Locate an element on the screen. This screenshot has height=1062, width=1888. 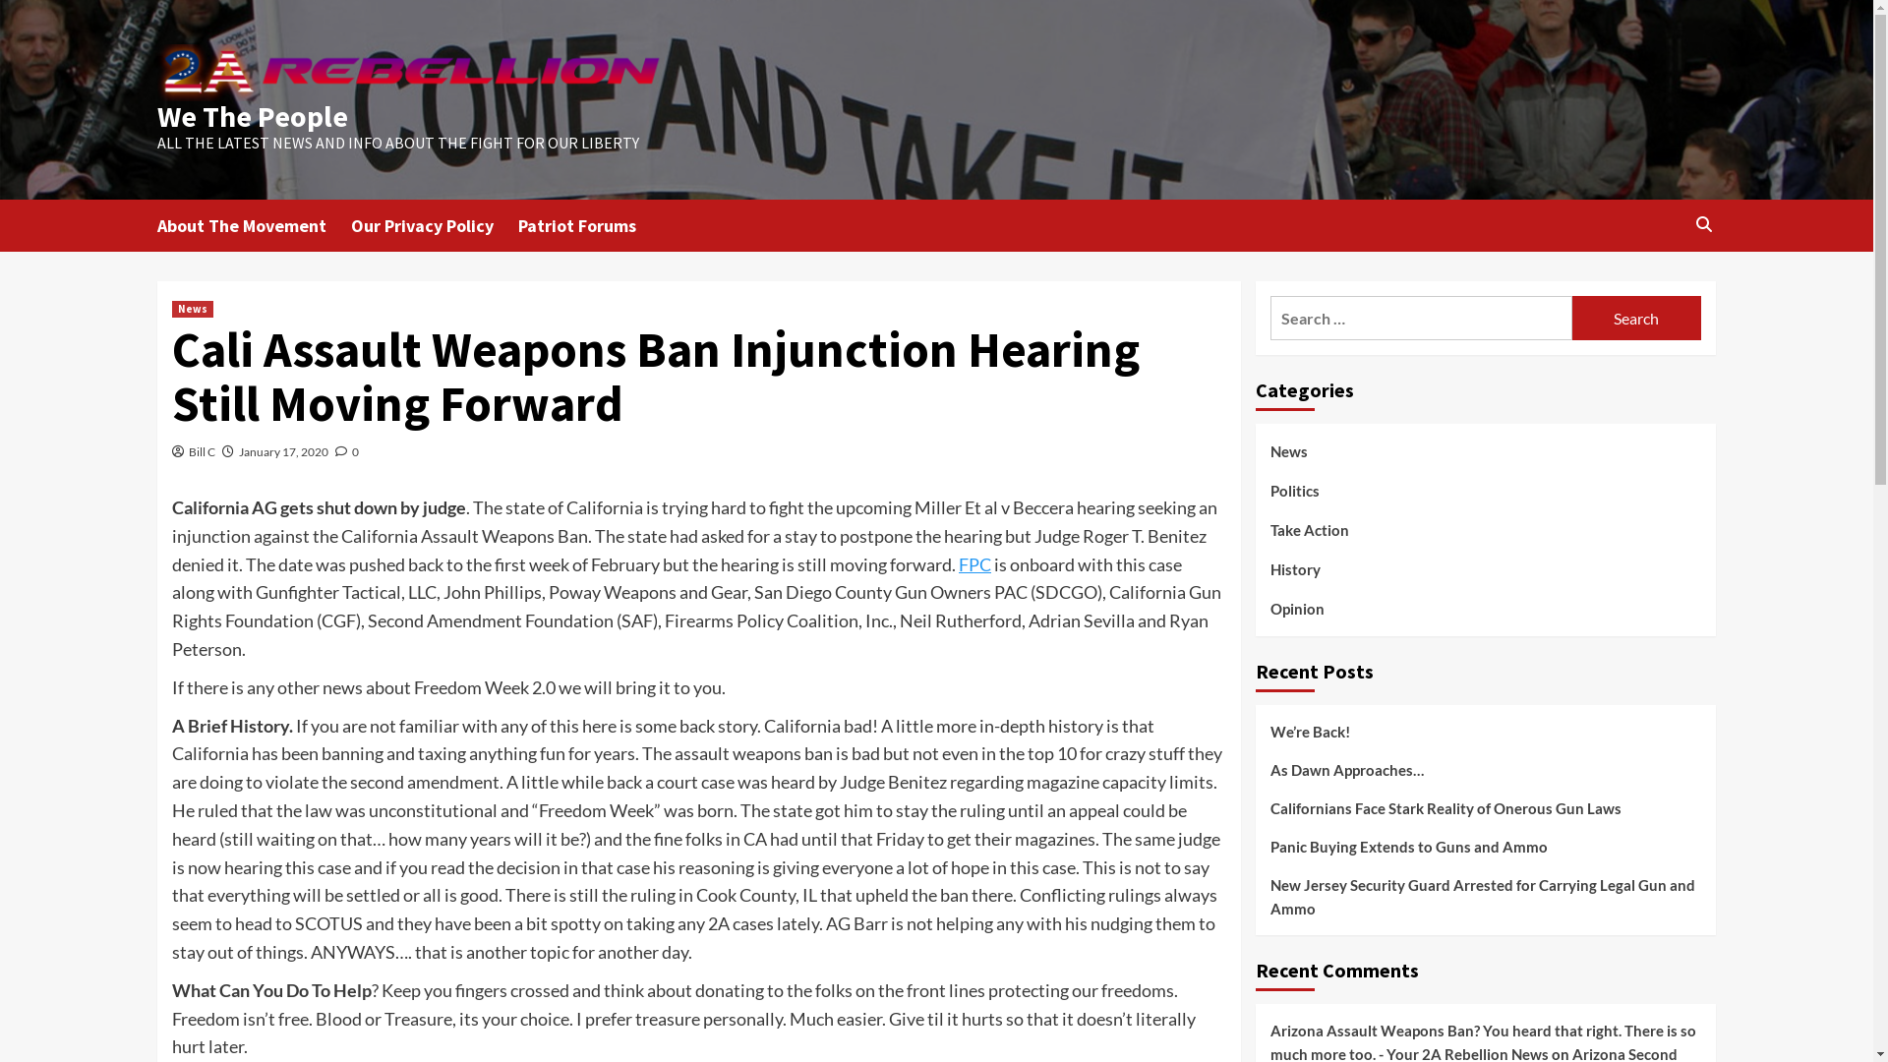
'Take Action' is located at coordinates (1310, 537).